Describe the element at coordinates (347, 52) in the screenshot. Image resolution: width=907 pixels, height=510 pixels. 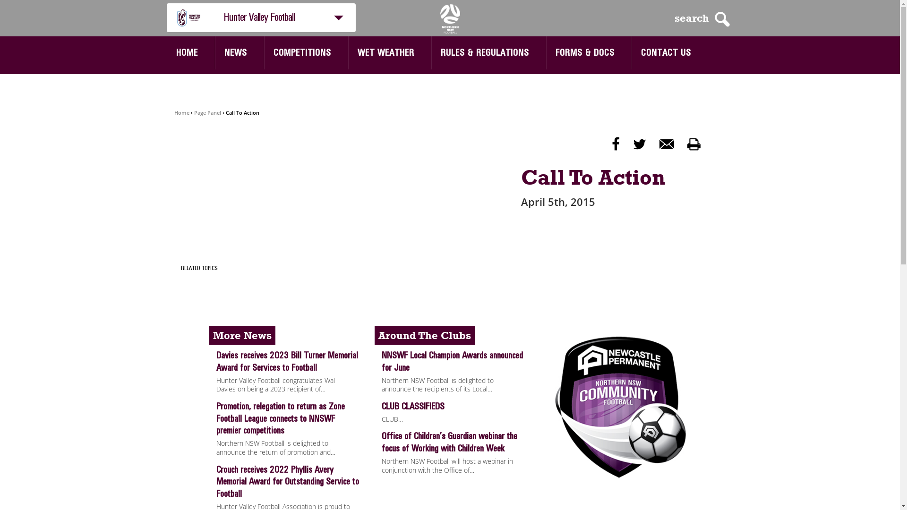
I see `'WET WEATHER'` at that location.